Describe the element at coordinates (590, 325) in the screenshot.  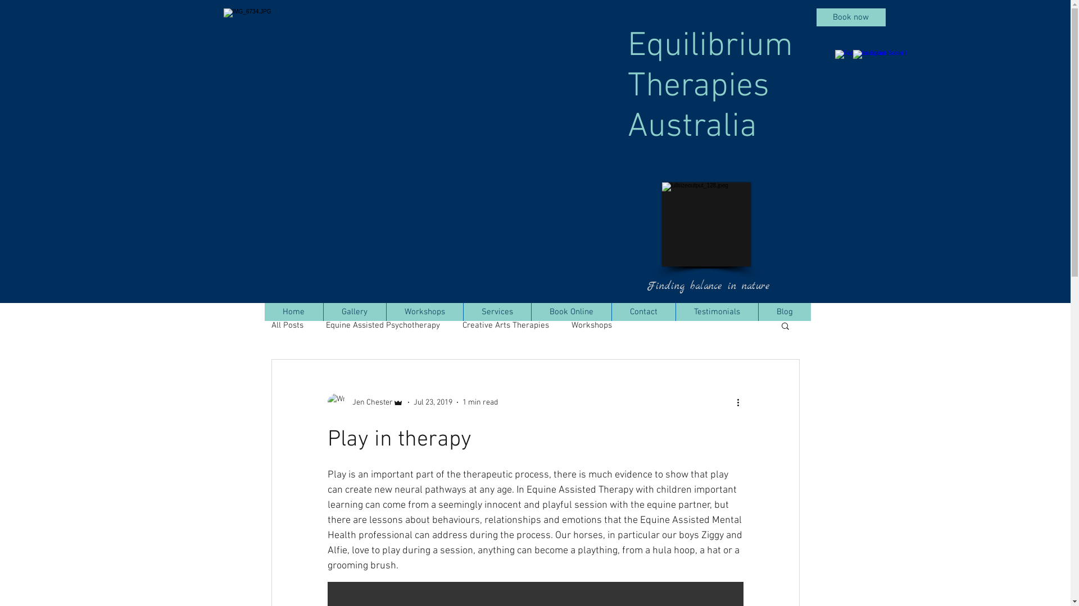
I see `'Workshops'` at that location.